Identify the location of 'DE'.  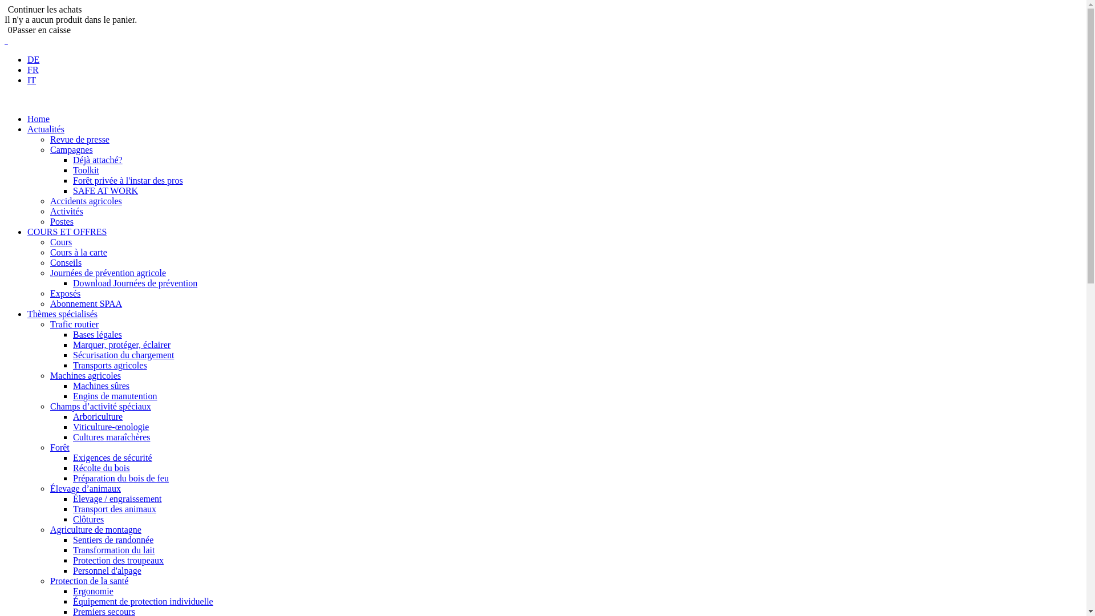
(27, 59).